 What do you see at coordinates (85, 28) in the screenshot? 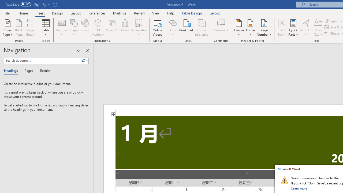
I see `'Icons'` at bounding box center [85, 28].